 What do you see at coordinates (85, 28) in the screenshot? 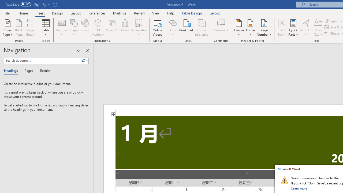
I see `'Icons'` at bounding box center [85, 28].